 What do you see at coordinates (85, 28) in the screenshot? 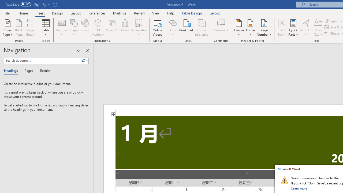
I see `'Icons'` at bounding box center [85, 28].